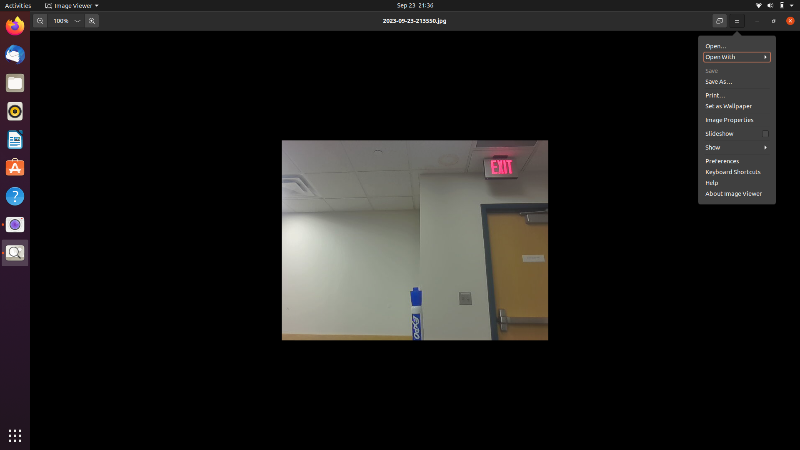 The image size is (800, 450). I want to click on Zoom out the image twice, so click(39, 20).